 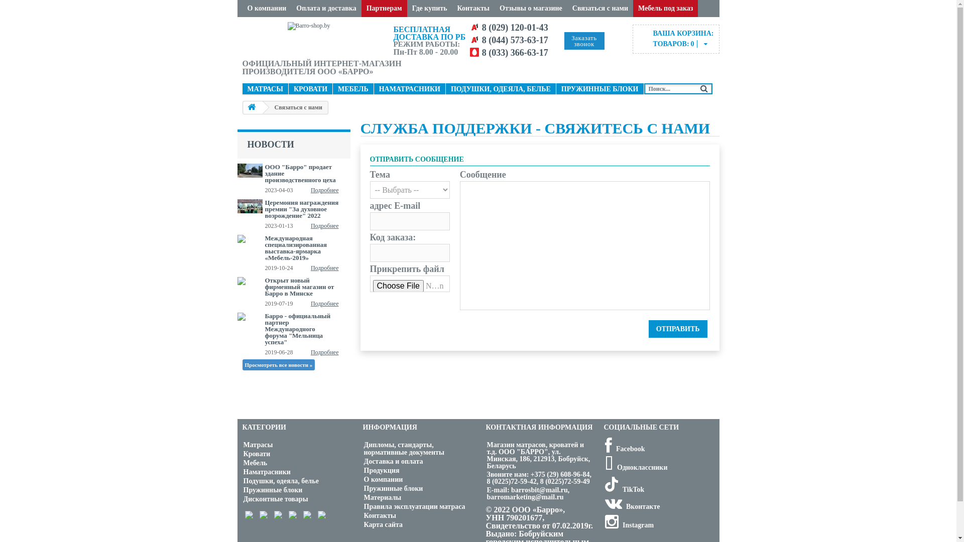 What do you see at coordinates (624, 489) in the screenshot?
I see `'TikTok'` at bounding box center [624, 489].